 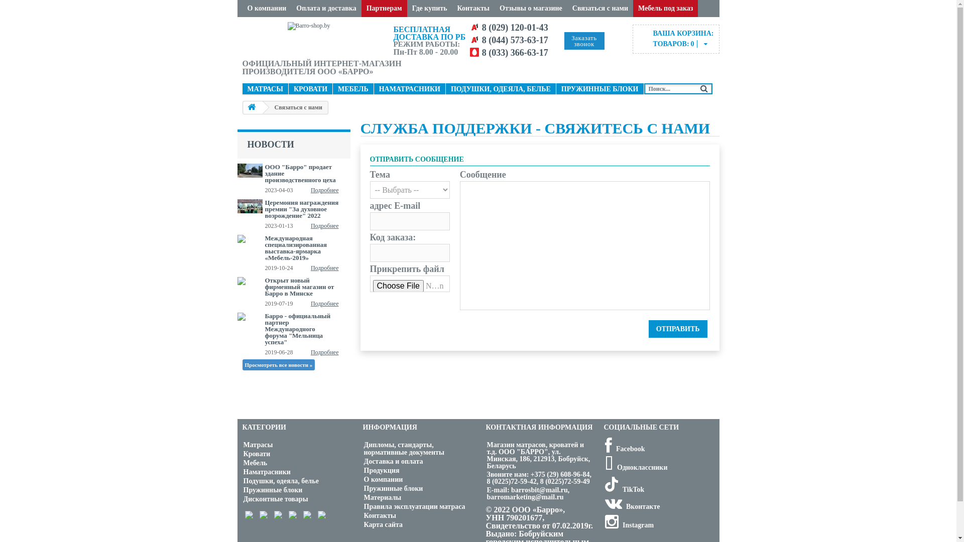 What do you see at coordinates (624, 489) in the screenshot?
I see `'TikTok'` at bounding box center [624, 489].